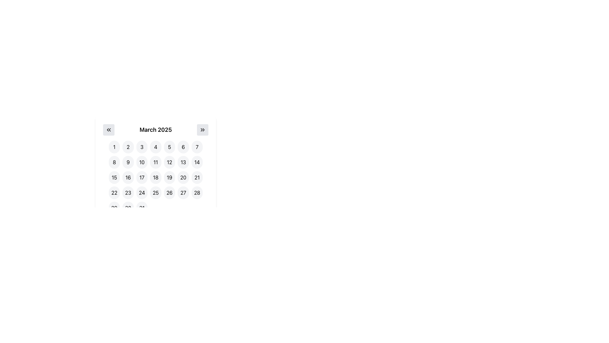 Image resolution: width=609 pixels, height=343 pixels. I want to click on the selectable date button representing the 14th of March 2025 in the calendar interface to change its background color, so click(197, 162).